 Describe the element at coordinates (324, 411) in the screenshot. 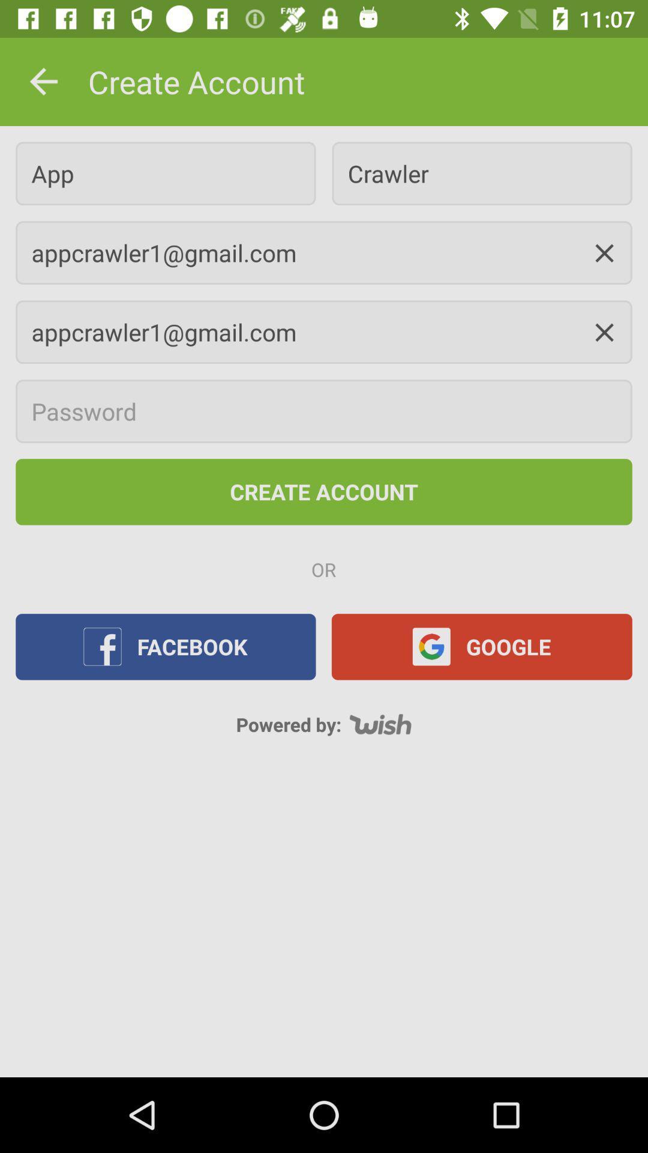

I see `your password` at that location.